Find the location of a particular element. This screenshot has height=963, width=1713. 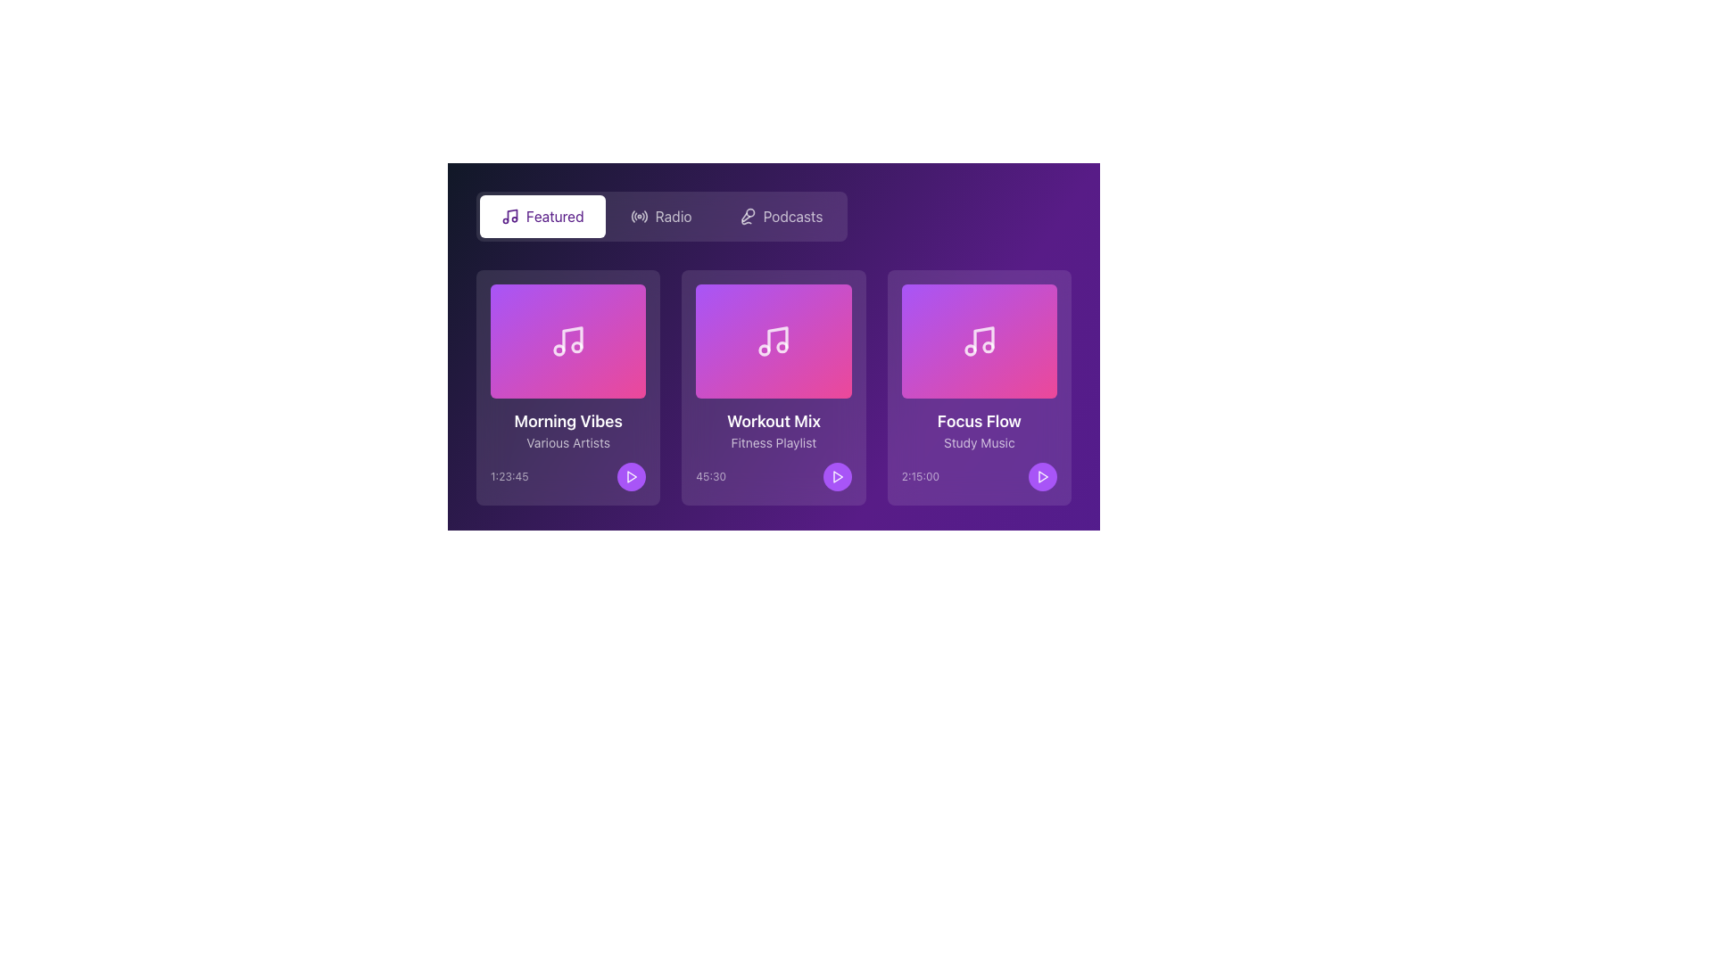

the first circular component of the musical note SVG icon within the 'Morning Vibes' tile, located near the top-center of the interface is located at coordinates (559, 350).